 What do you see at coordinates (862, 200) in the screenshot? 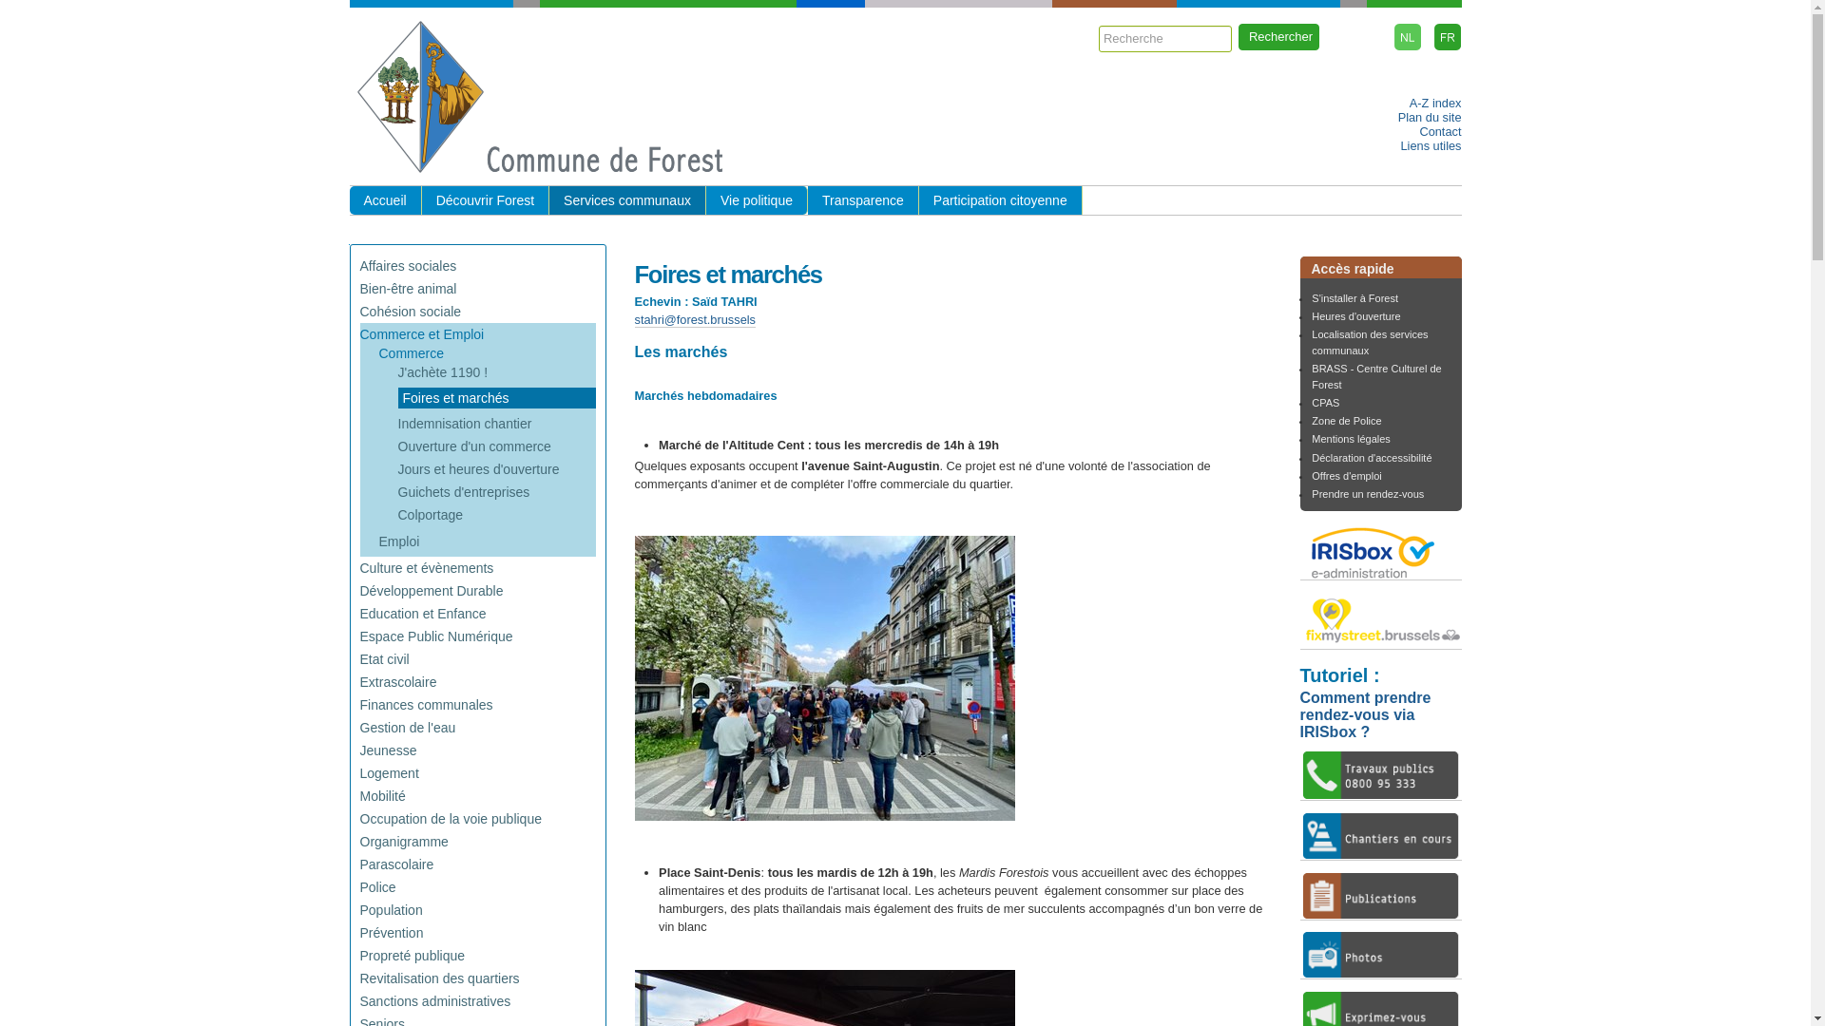
I see `'Transparence'` at bounding box center [862, 200].